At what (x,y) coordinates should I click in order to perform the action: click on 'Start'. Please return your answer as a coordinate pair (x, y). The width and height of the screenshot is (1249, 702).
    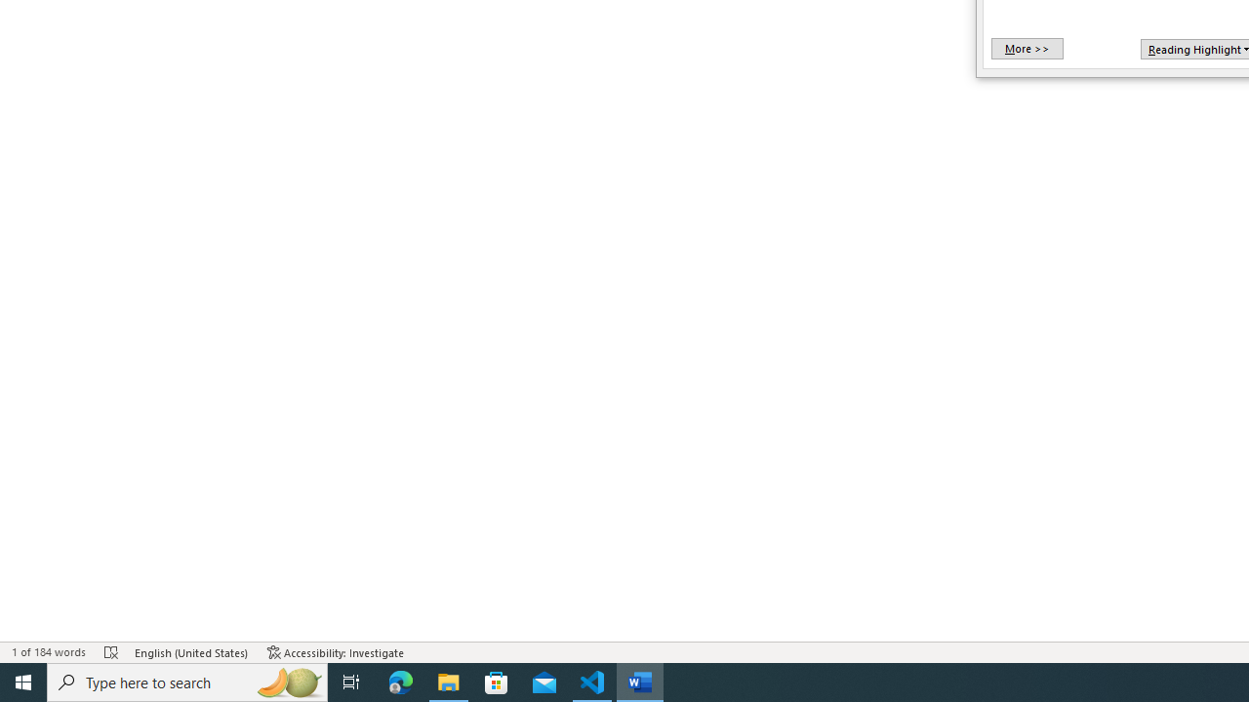
    Looking at the image, I should click on (23, 681).